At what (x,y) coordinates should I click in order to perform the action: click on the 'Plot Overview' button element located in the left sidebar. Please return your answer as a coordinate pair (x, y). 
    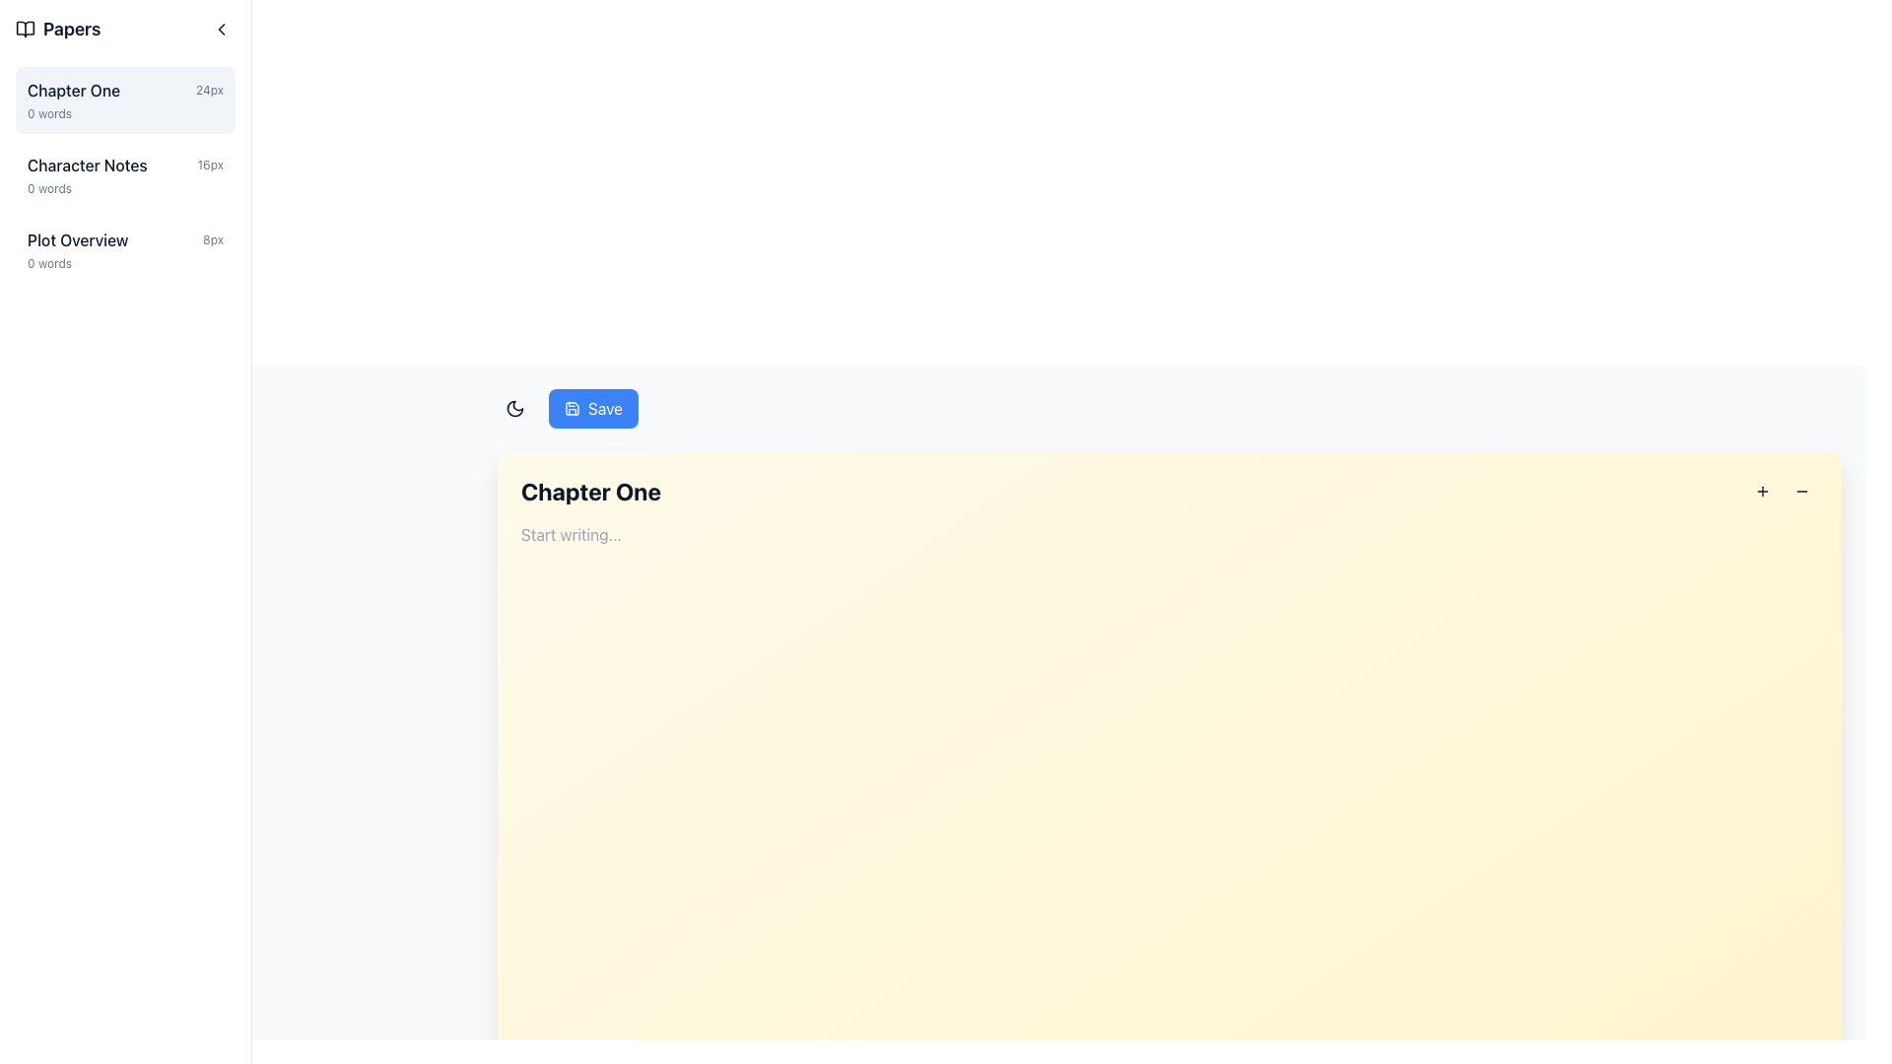
    Looking at the image, I should click on (124, 249).